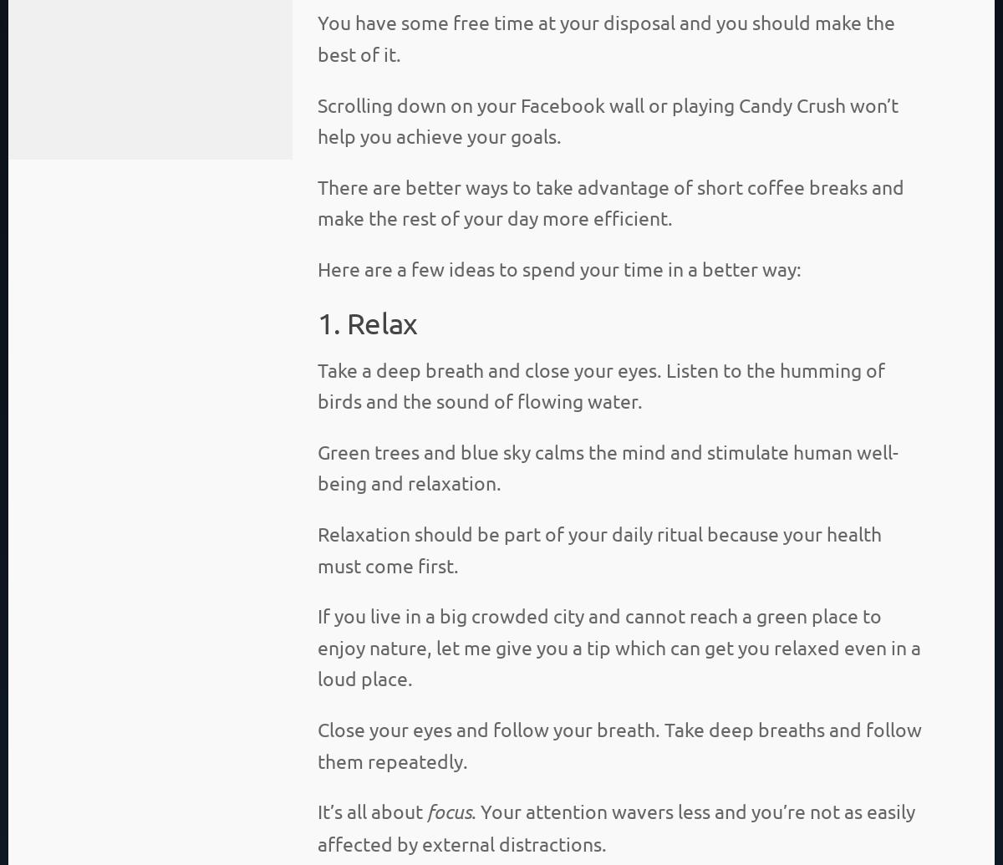  What do you see at coordinates (318, 120) in the screenshot?
I see `'Scrolling down on your Facebook wall or playing Candy Crush won’t help you achieve your goals.'` at bounding box center [318, 120].